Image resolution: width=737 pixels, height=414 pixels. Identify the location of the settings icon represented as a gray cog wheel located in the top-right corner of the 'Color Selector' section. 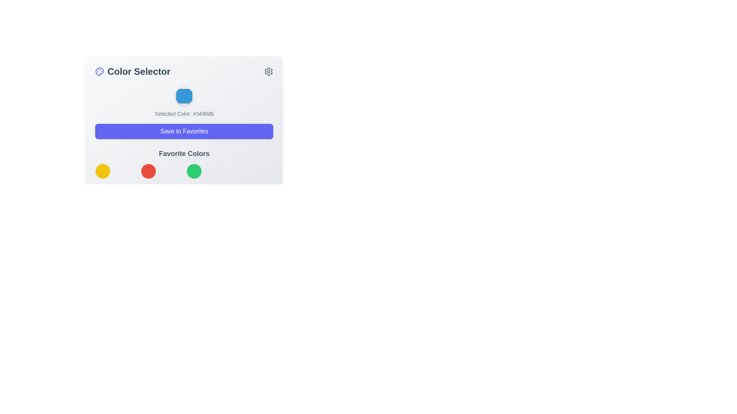
(269, 71).